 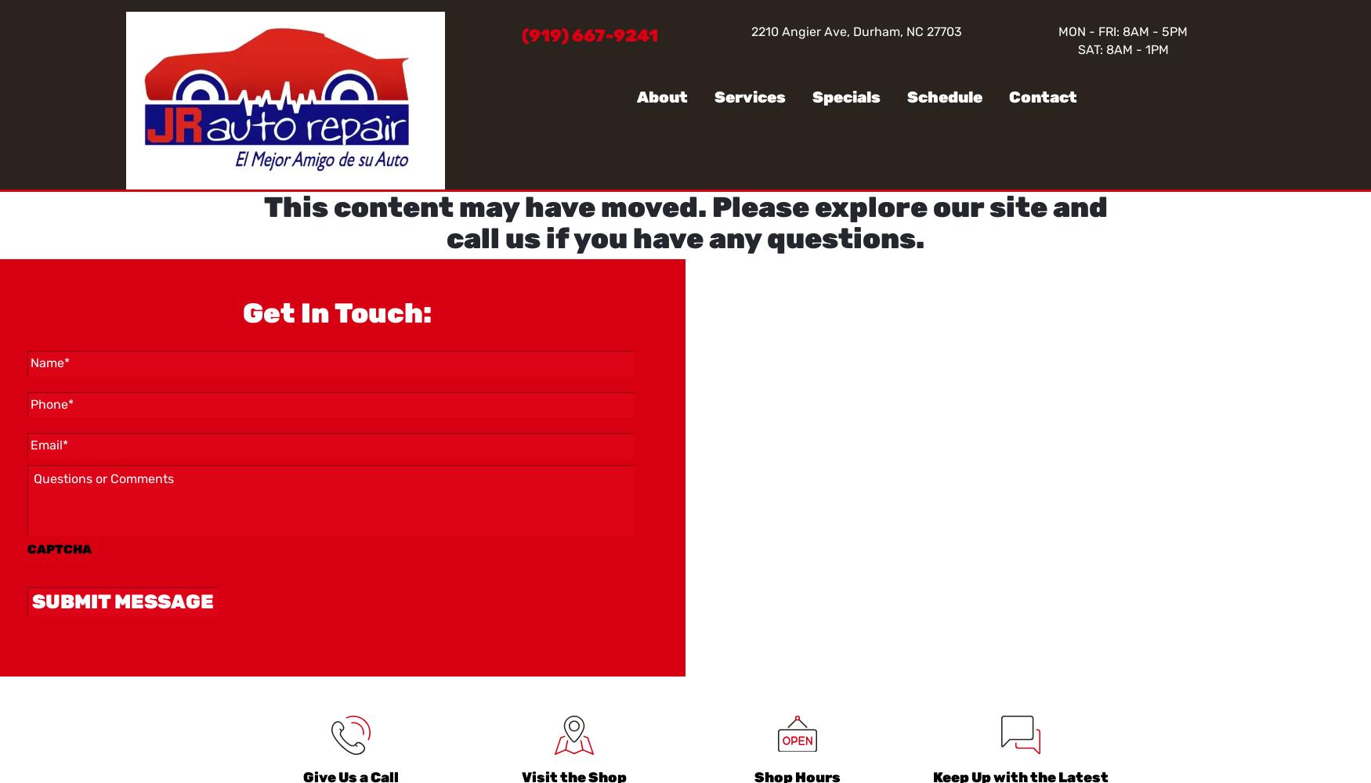 What do you see at coordinates (845, 96) in the screenshot?
I see `'Specials'` at bounding box center [845, 96].